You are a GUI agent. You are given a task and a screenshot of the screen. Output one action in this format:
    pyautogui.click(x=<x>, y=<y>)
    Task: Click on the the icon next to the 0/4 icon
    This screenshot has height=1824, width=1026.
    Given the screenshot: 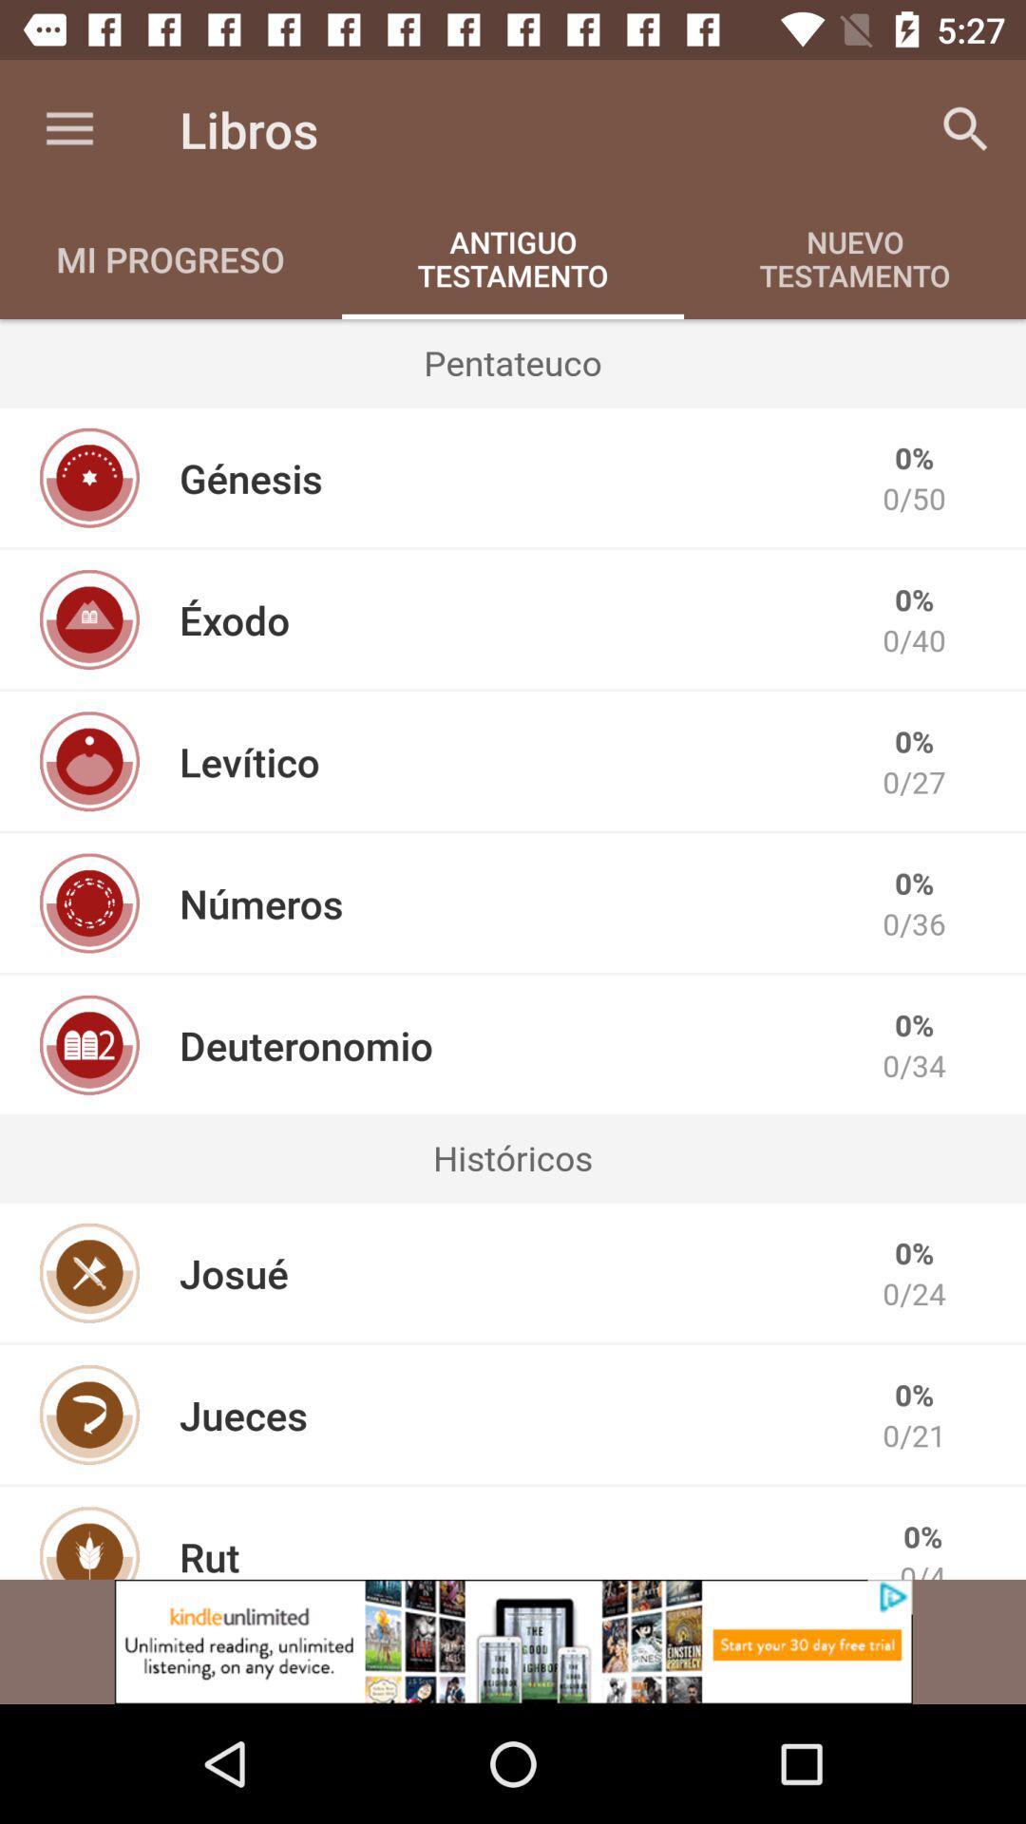 What is the action you would take?
    pyautogui.click(x=209, y=1554)
    